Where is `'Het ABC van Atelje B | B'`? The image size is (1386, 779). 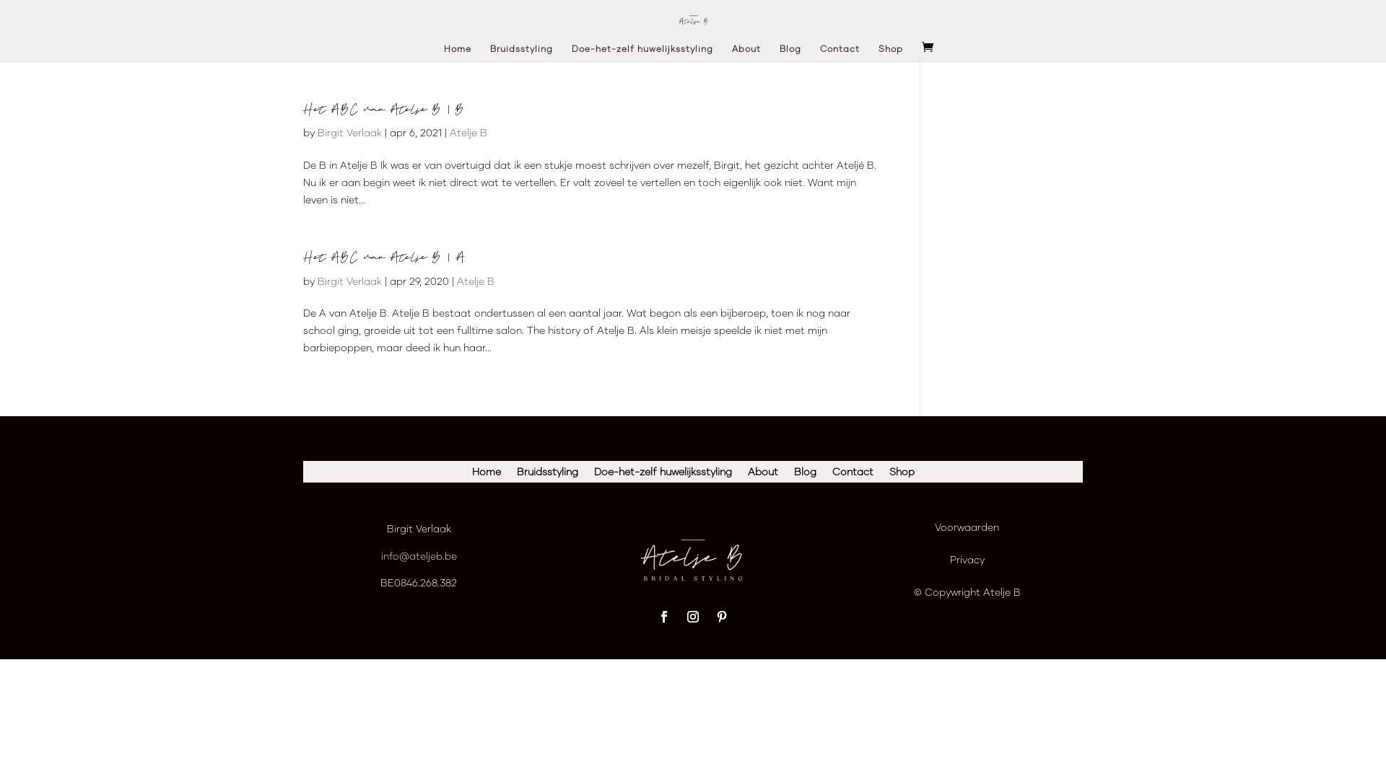
'Het ABC van Atelje B | B' is located at coordinates (384, 108).